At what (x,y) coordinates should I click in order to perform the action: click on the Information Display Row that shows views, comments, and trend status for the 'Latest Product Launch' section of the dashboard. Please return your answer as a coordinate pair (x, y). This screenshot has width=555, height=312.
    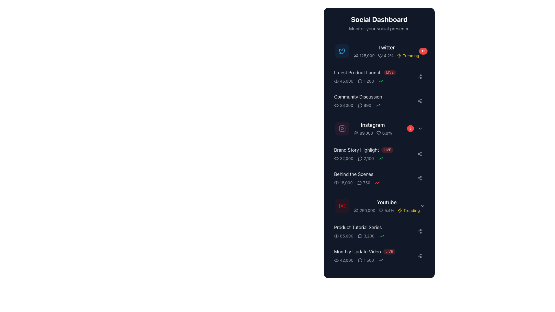
    Looking at the image, I should click on (375, 81).